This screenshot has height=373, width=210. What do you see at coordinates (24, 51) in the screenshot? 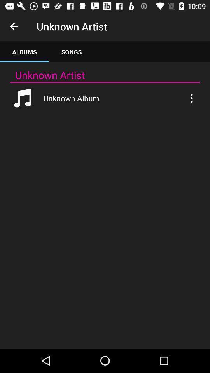
I see `app next to songs item` at bounding box center [24, 51].